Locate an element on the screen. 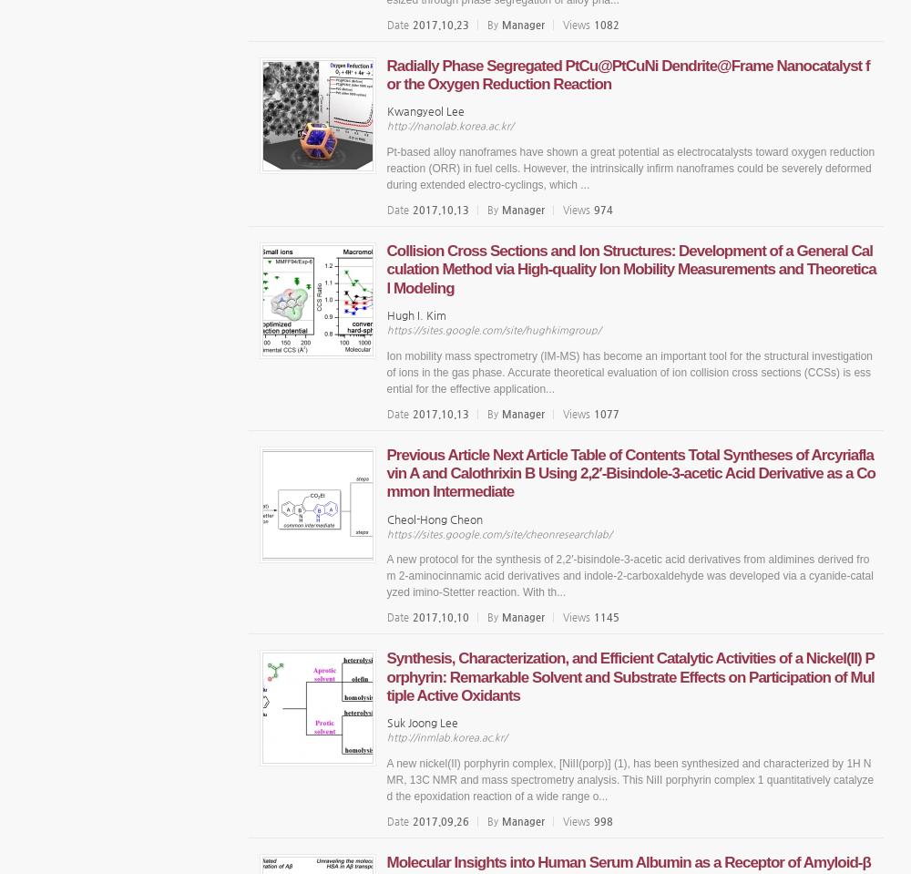  'Cheol-Hong Cheon' is located at coordinates (433, 517).